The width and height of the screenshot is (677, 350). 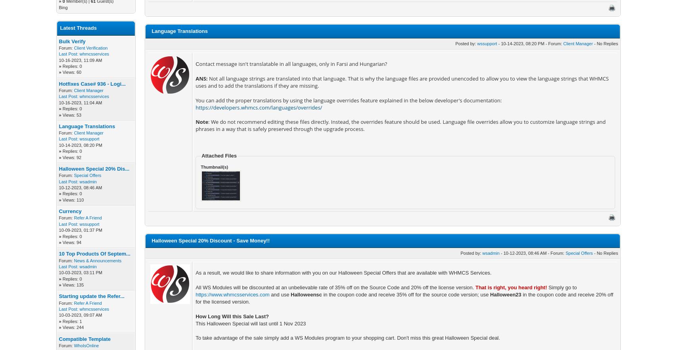 What do you see at coordinates (404, 298) in the screenshot?
I see `'in the coupon code and receive 20% off for the licensed version.'` at bounding box center [404, 298].